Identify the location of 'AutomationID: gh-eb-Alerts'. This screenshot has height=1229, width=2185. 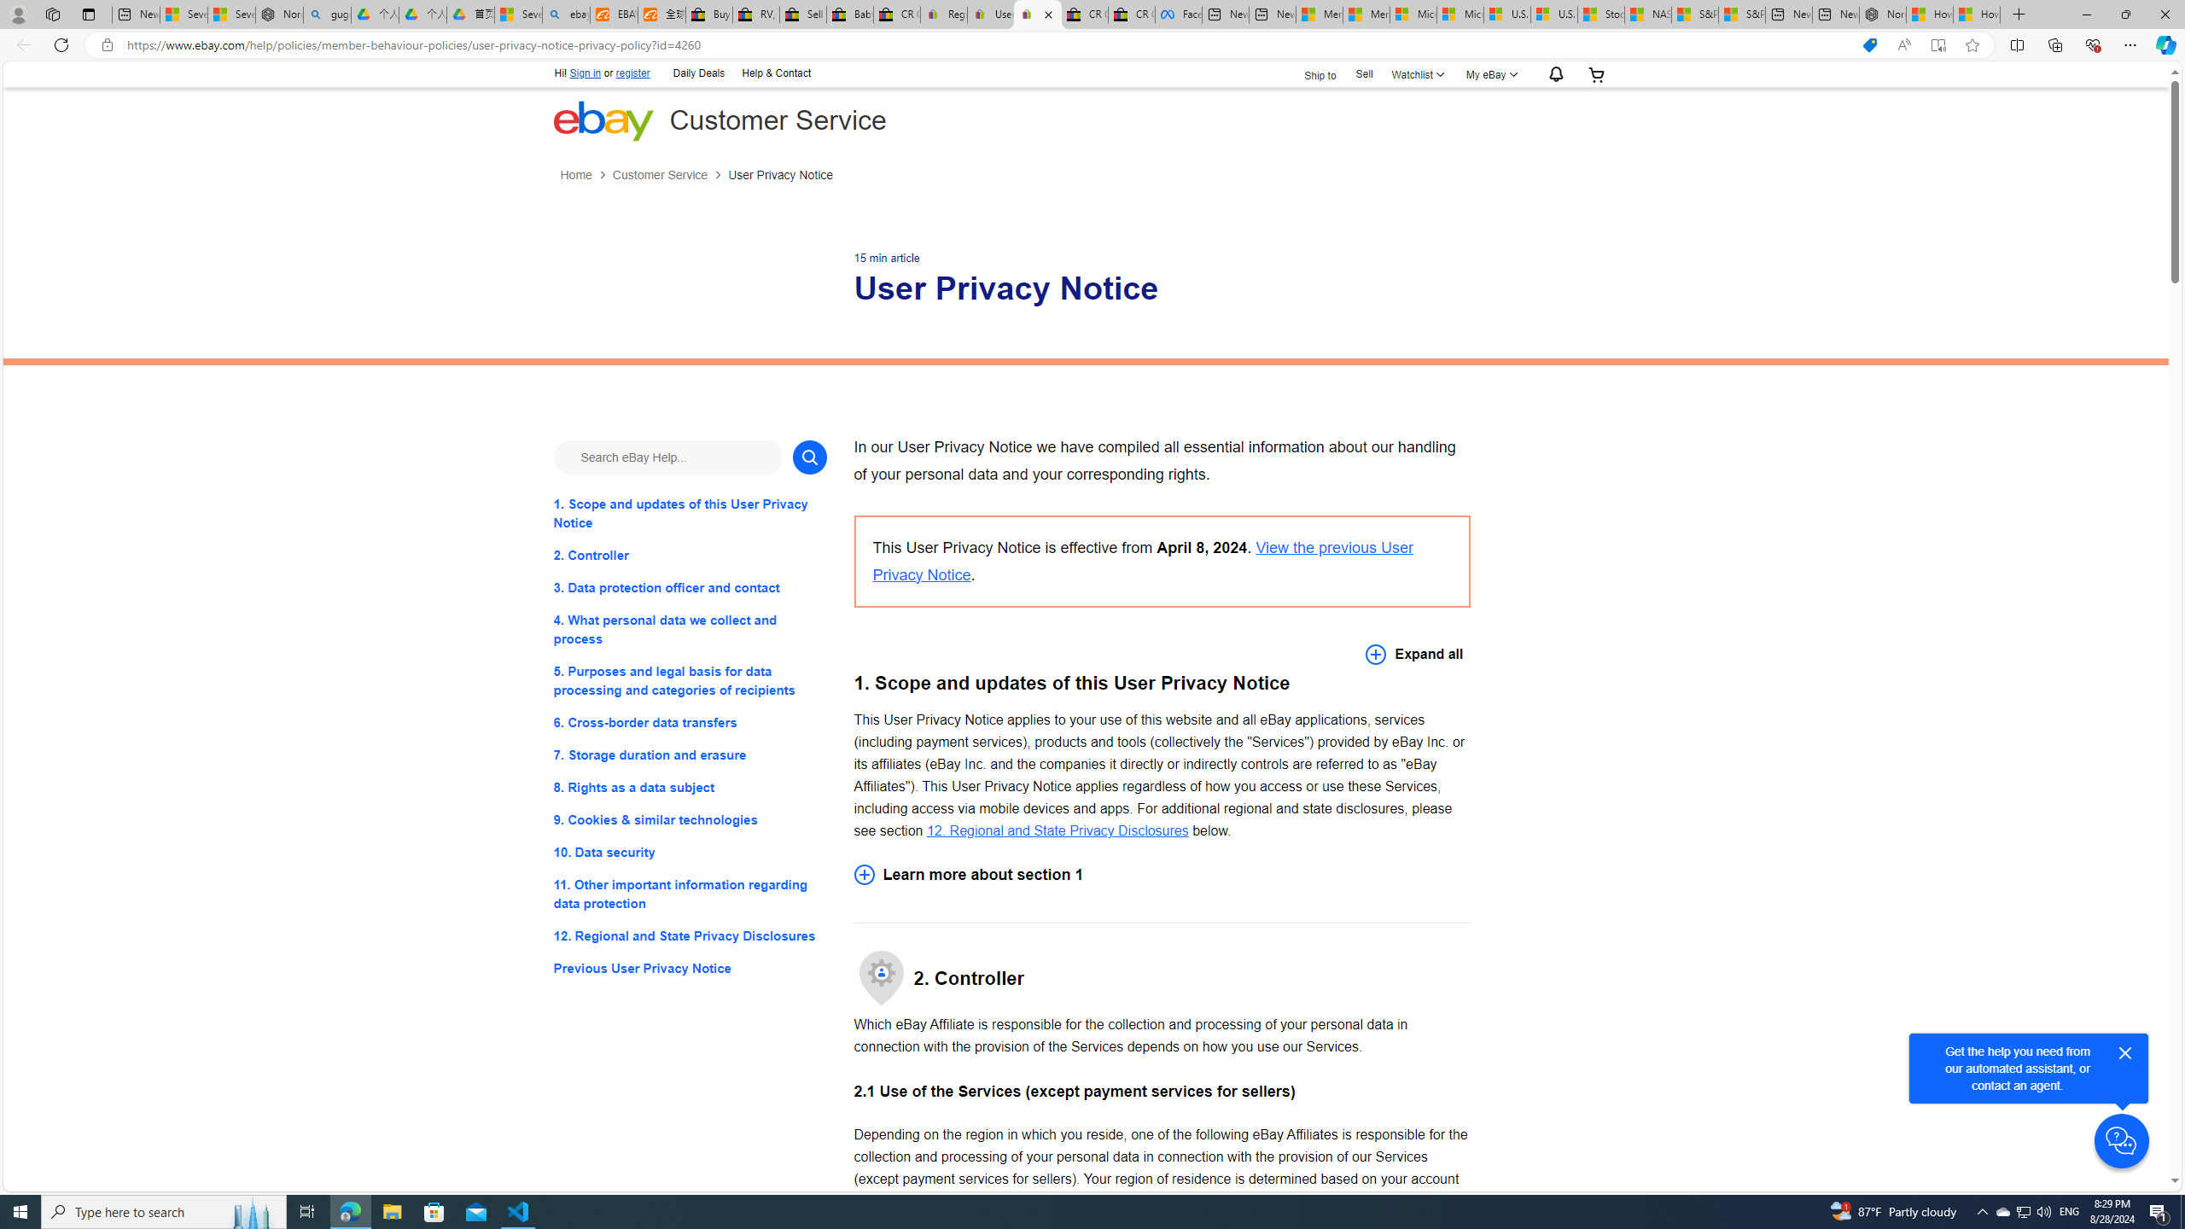
(1553, 74).